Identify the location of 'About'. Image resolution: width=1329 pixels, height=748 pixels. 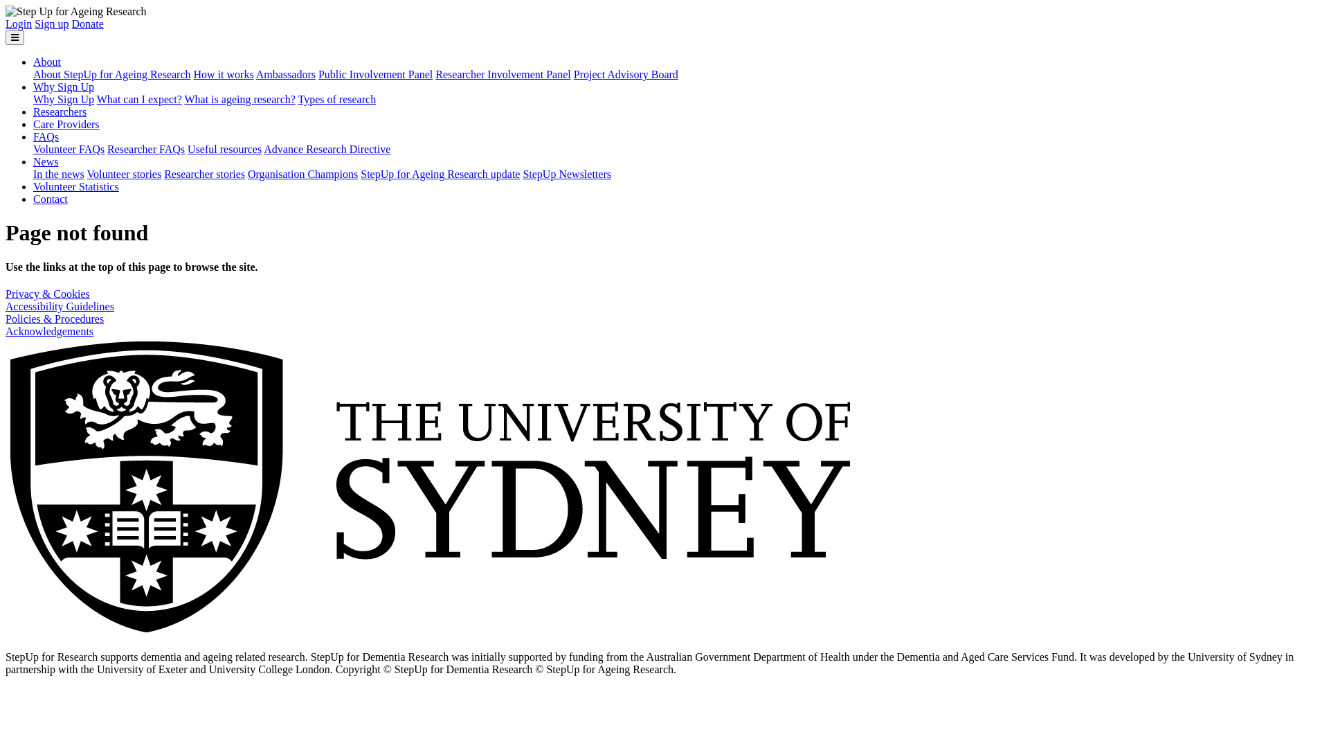
(46, 61).